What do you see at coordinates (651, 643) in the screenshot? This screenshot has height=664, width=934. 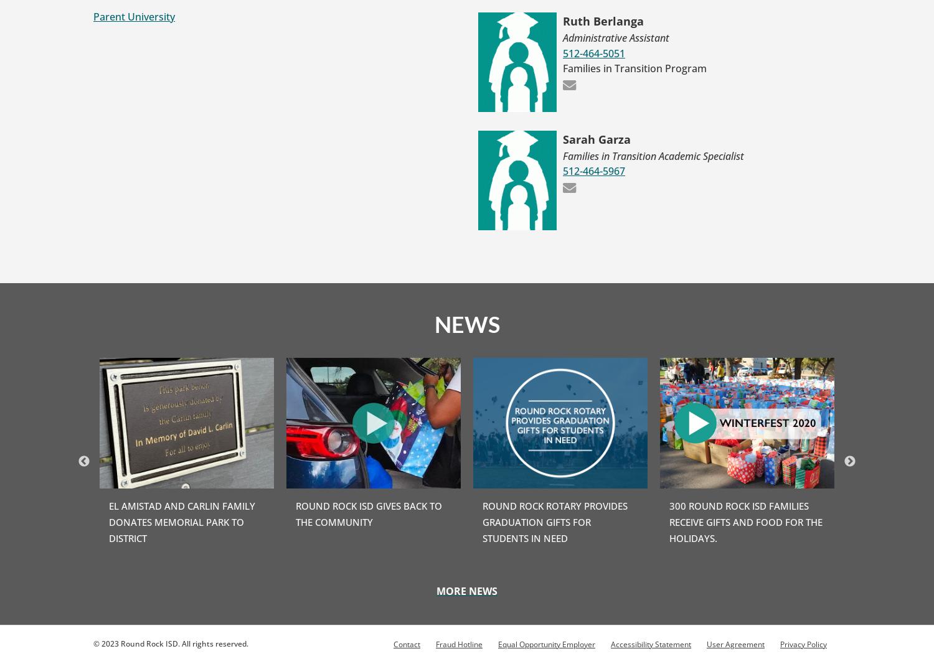 I see `'Accessibility Statement'` at bounding box center [651, 643].